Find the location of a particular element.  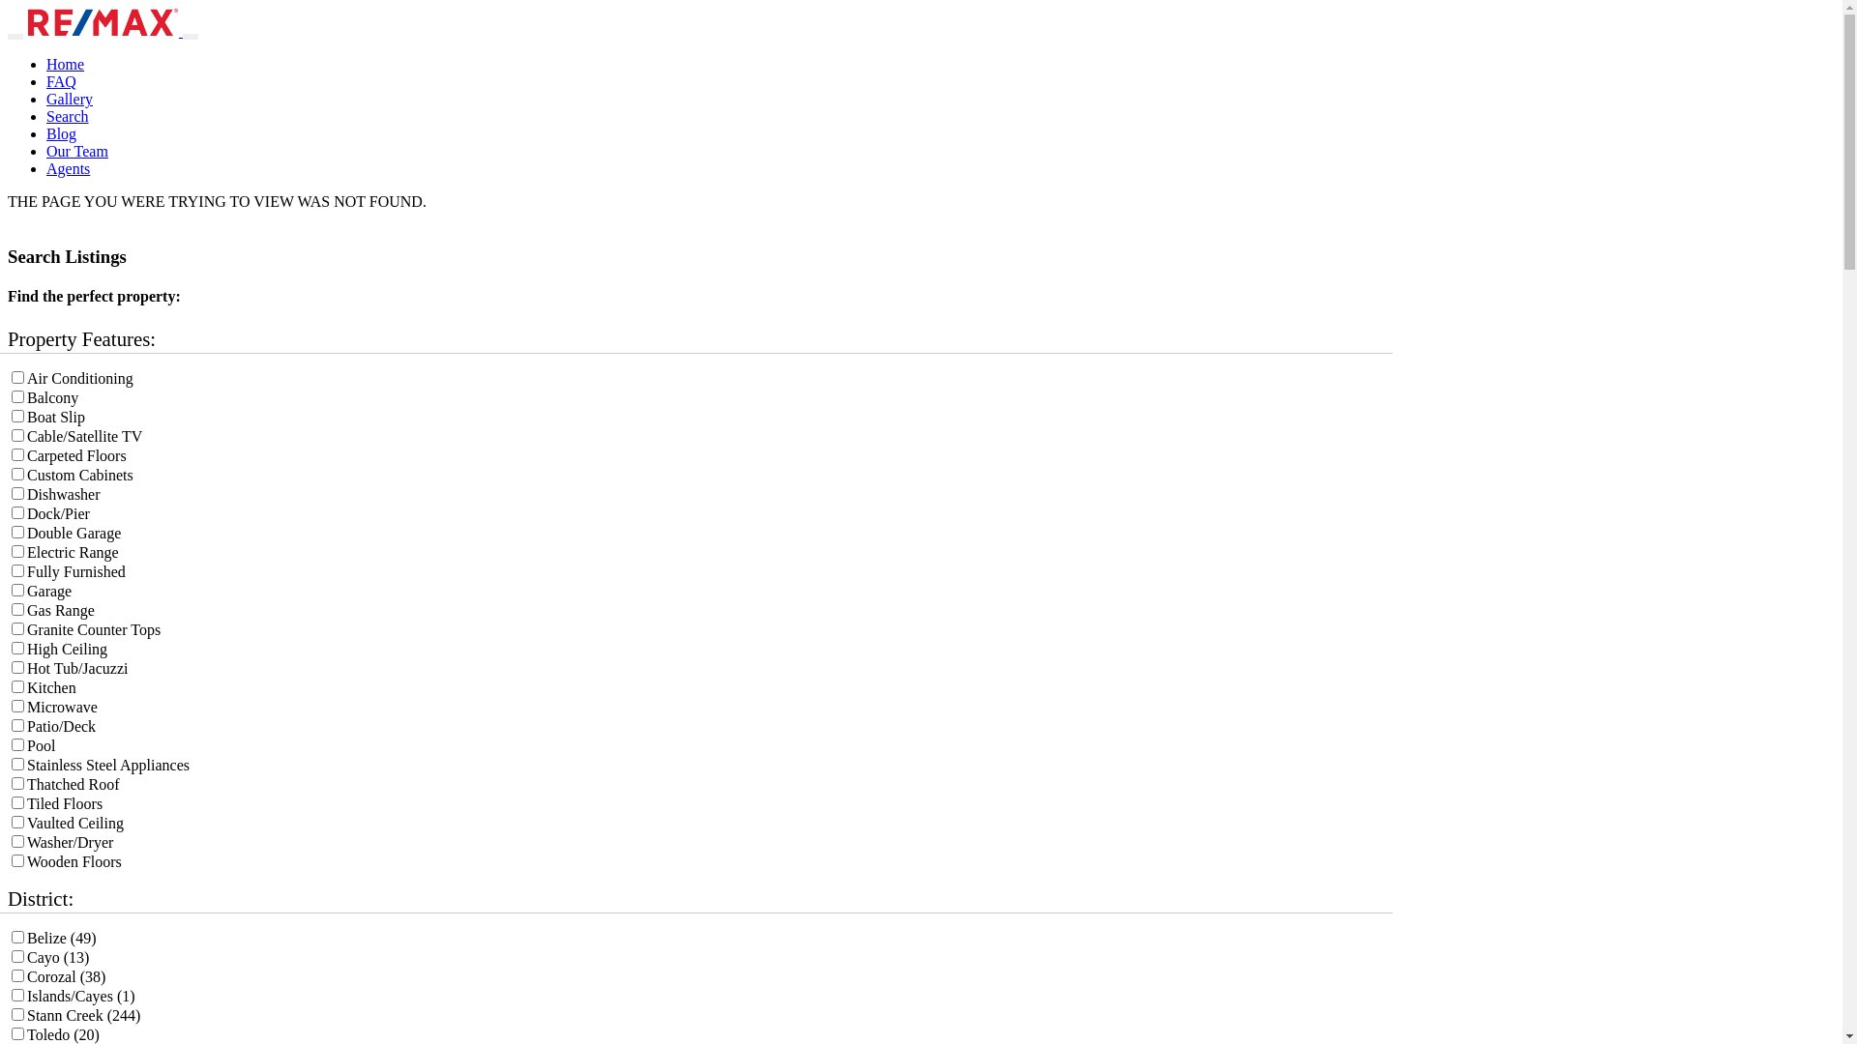

'Blog' is located at coordinates (46, 132).